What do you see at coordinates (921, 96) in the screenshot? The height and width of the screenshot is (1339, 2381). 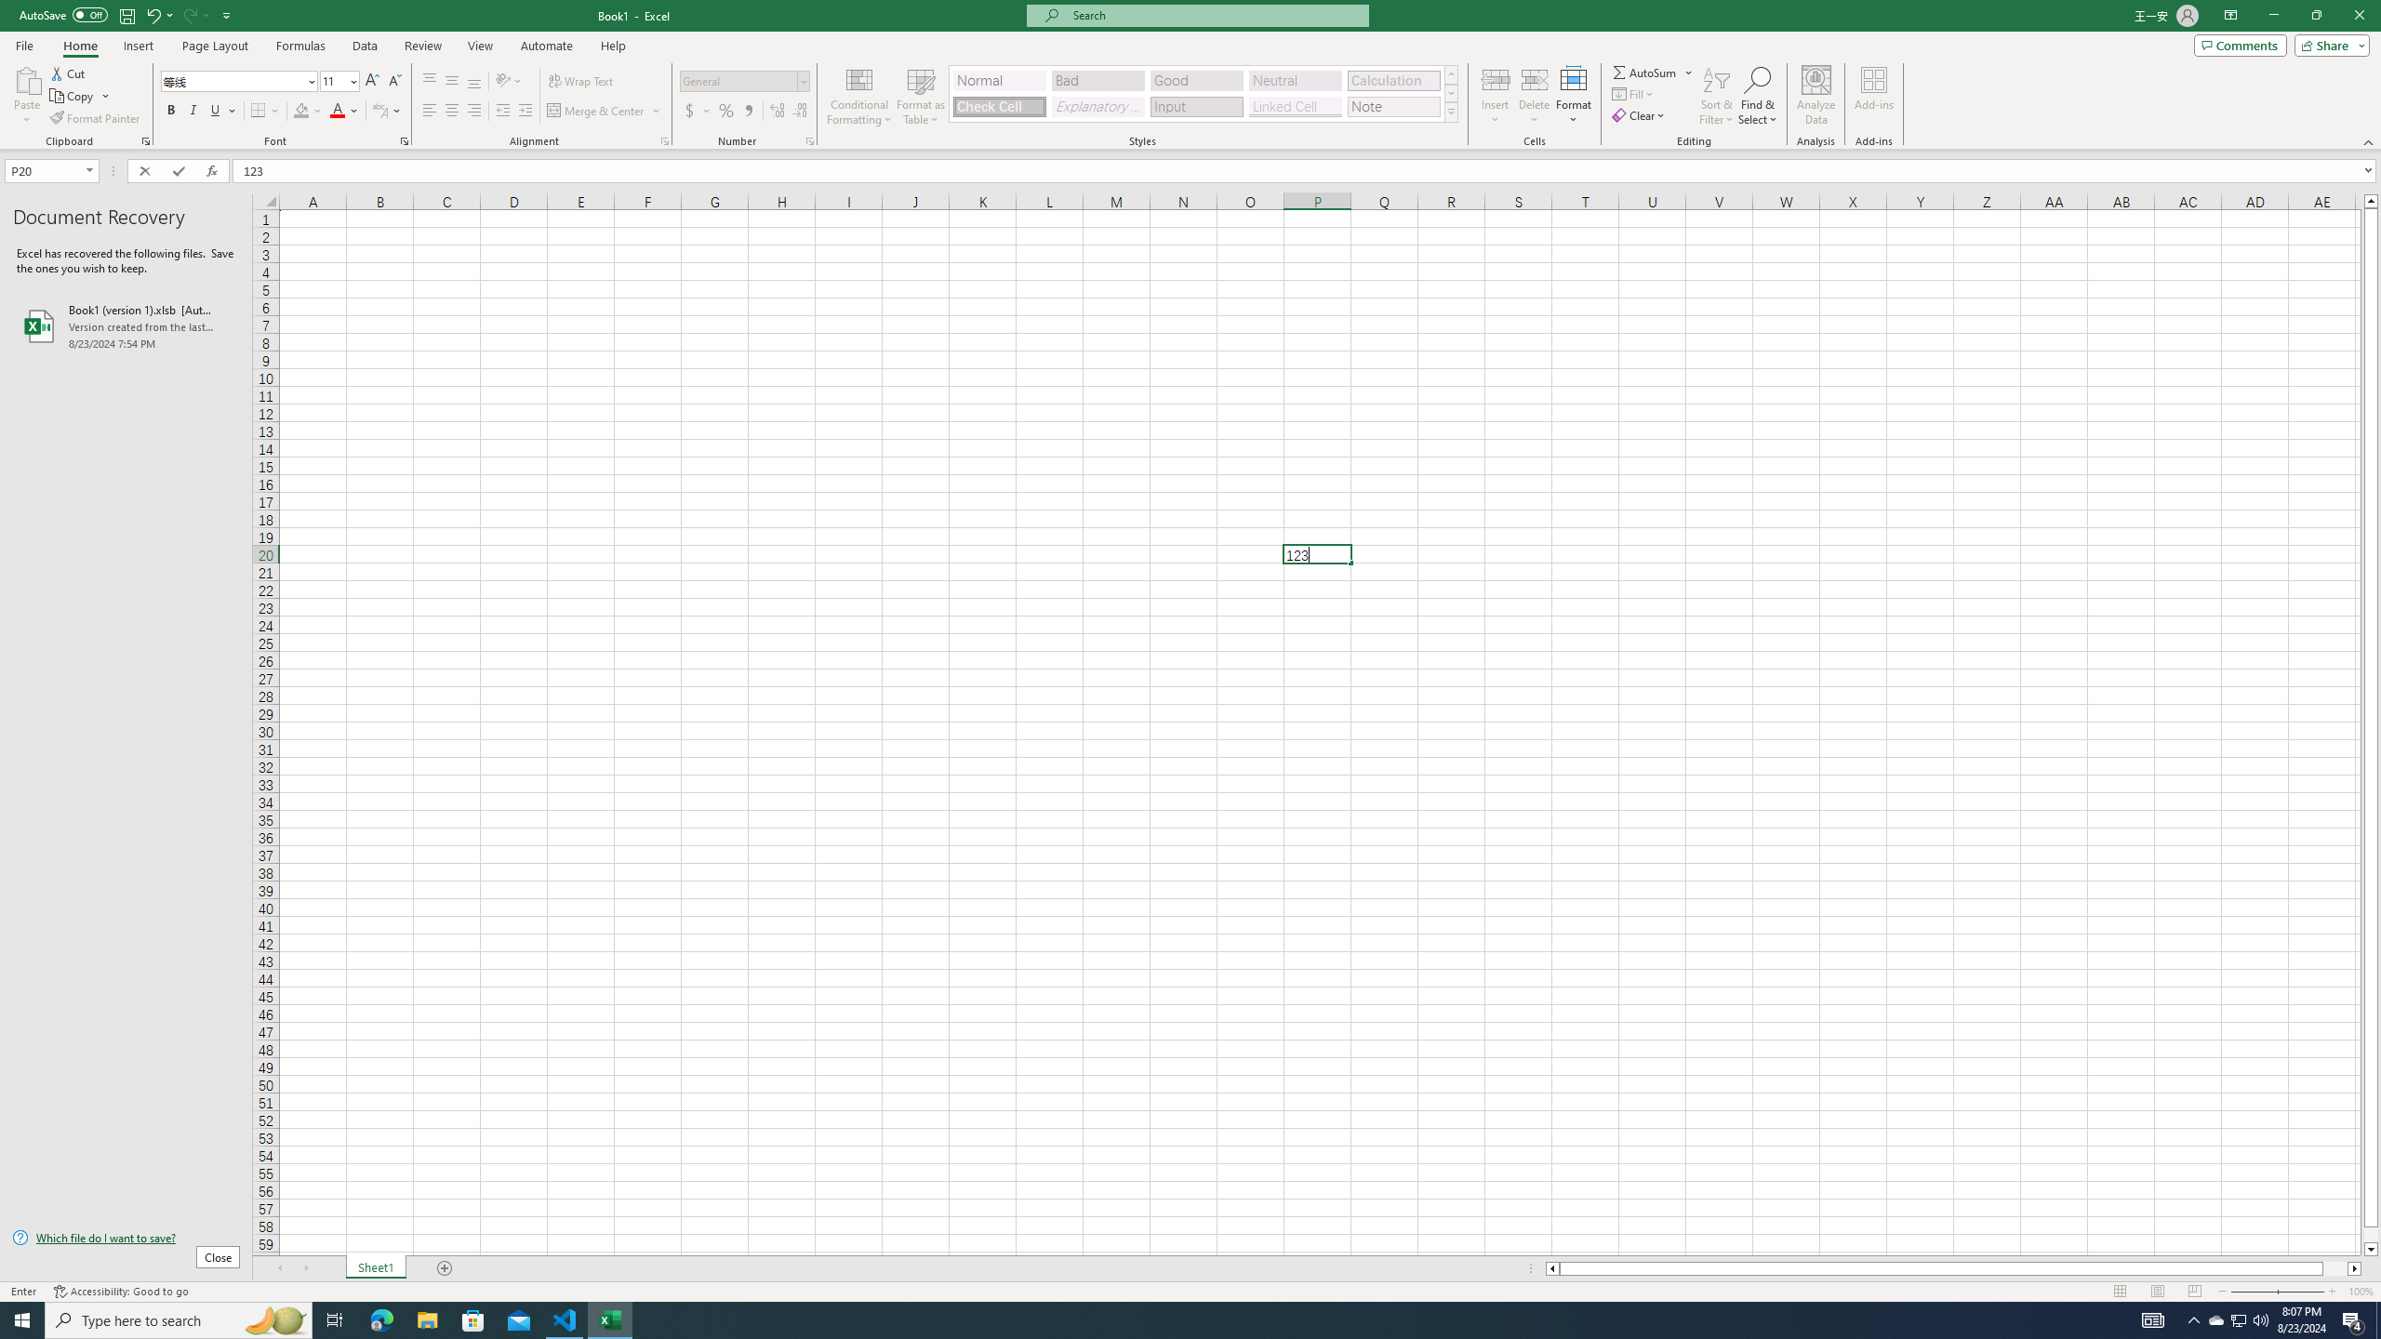 I see `'Format as Table'` at bounding box center [921, 96].